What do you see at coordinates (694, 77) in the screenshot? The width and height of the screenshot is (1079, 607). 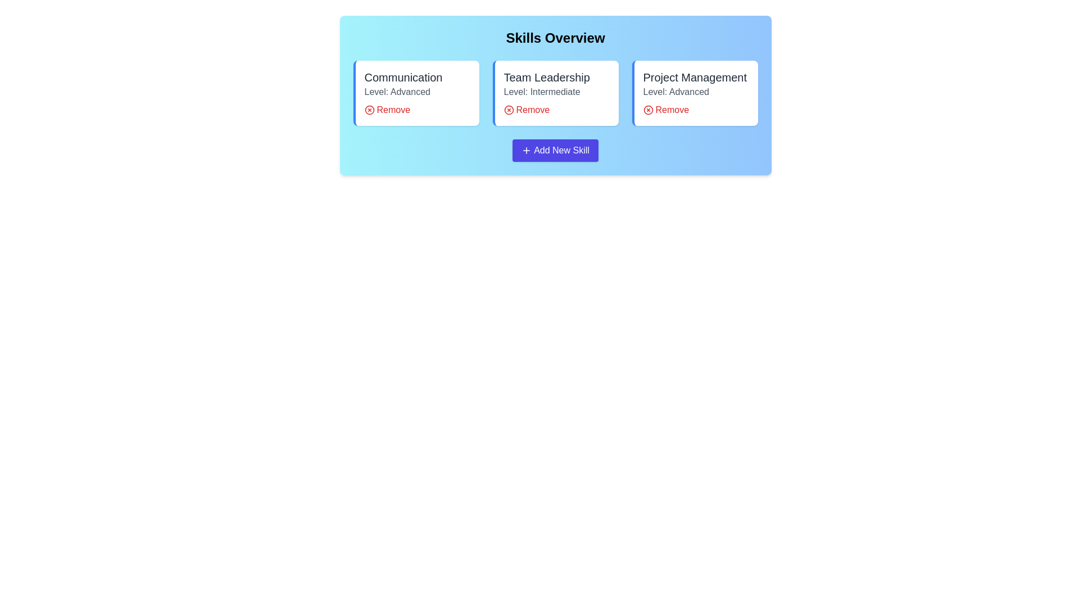 I see `the skill name text for Project Management` at bounding box center [694, 77].